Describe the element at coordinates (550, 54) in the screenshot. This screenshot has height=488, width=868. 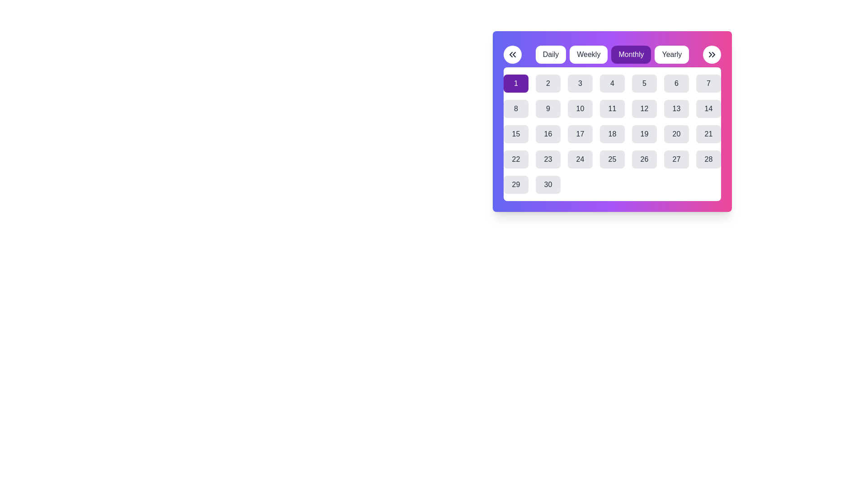
I see `the first button in the horizontal sequence` at that location.